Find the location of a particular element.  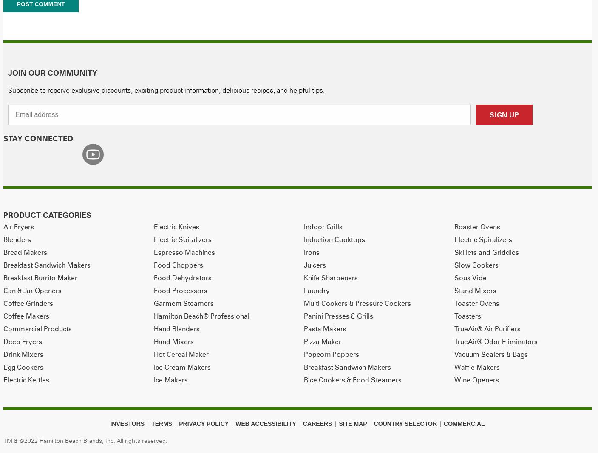

'Induction Cooktops' is located at coordinates (334, 239).